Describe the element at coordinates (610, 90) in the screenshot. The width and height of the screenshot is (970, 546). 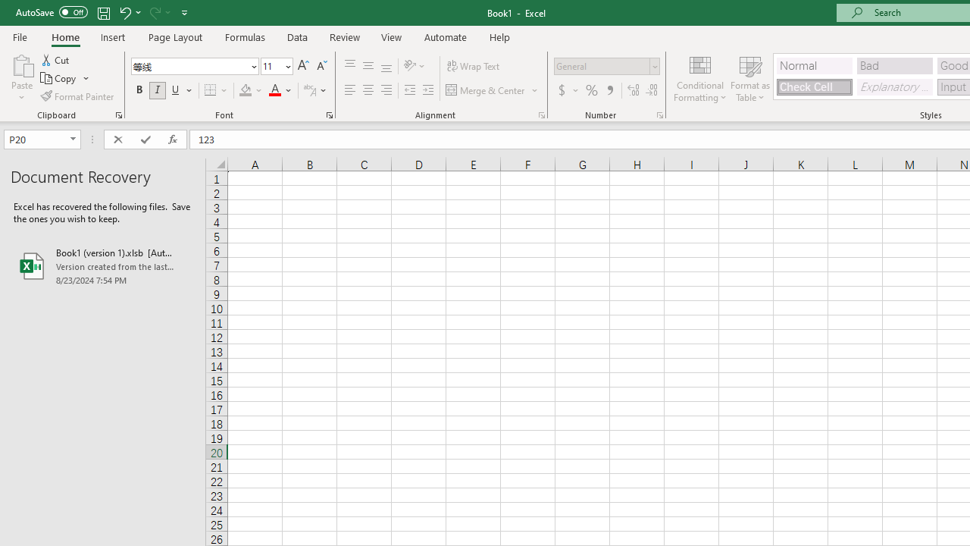
I see `'Comma Style'` at that location.